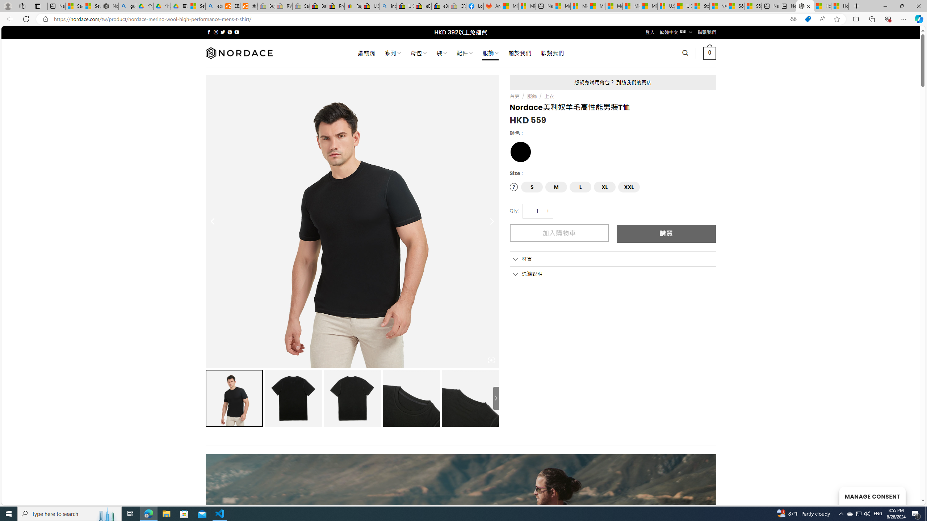 This screenshot has width=927, height=521. What do you see at coordinates (301, 6) in the screenshot?
I see `'Sell worldwide with eBay - Sleeping'` at bounding box center [301, 6].